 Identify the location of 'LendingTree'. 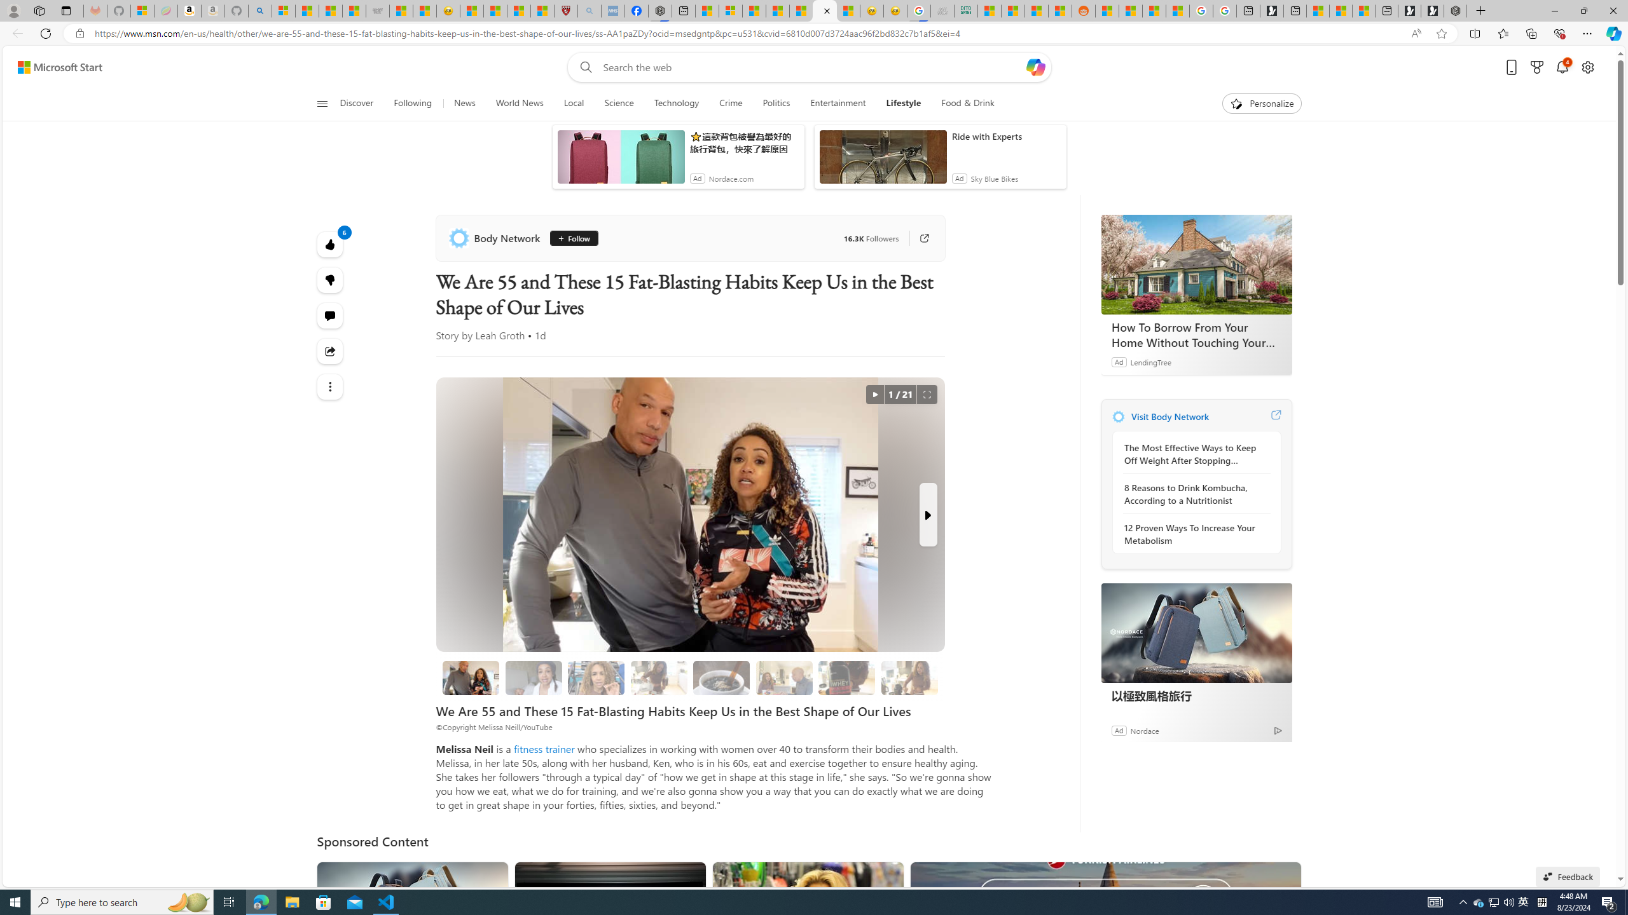
(1150, 361).